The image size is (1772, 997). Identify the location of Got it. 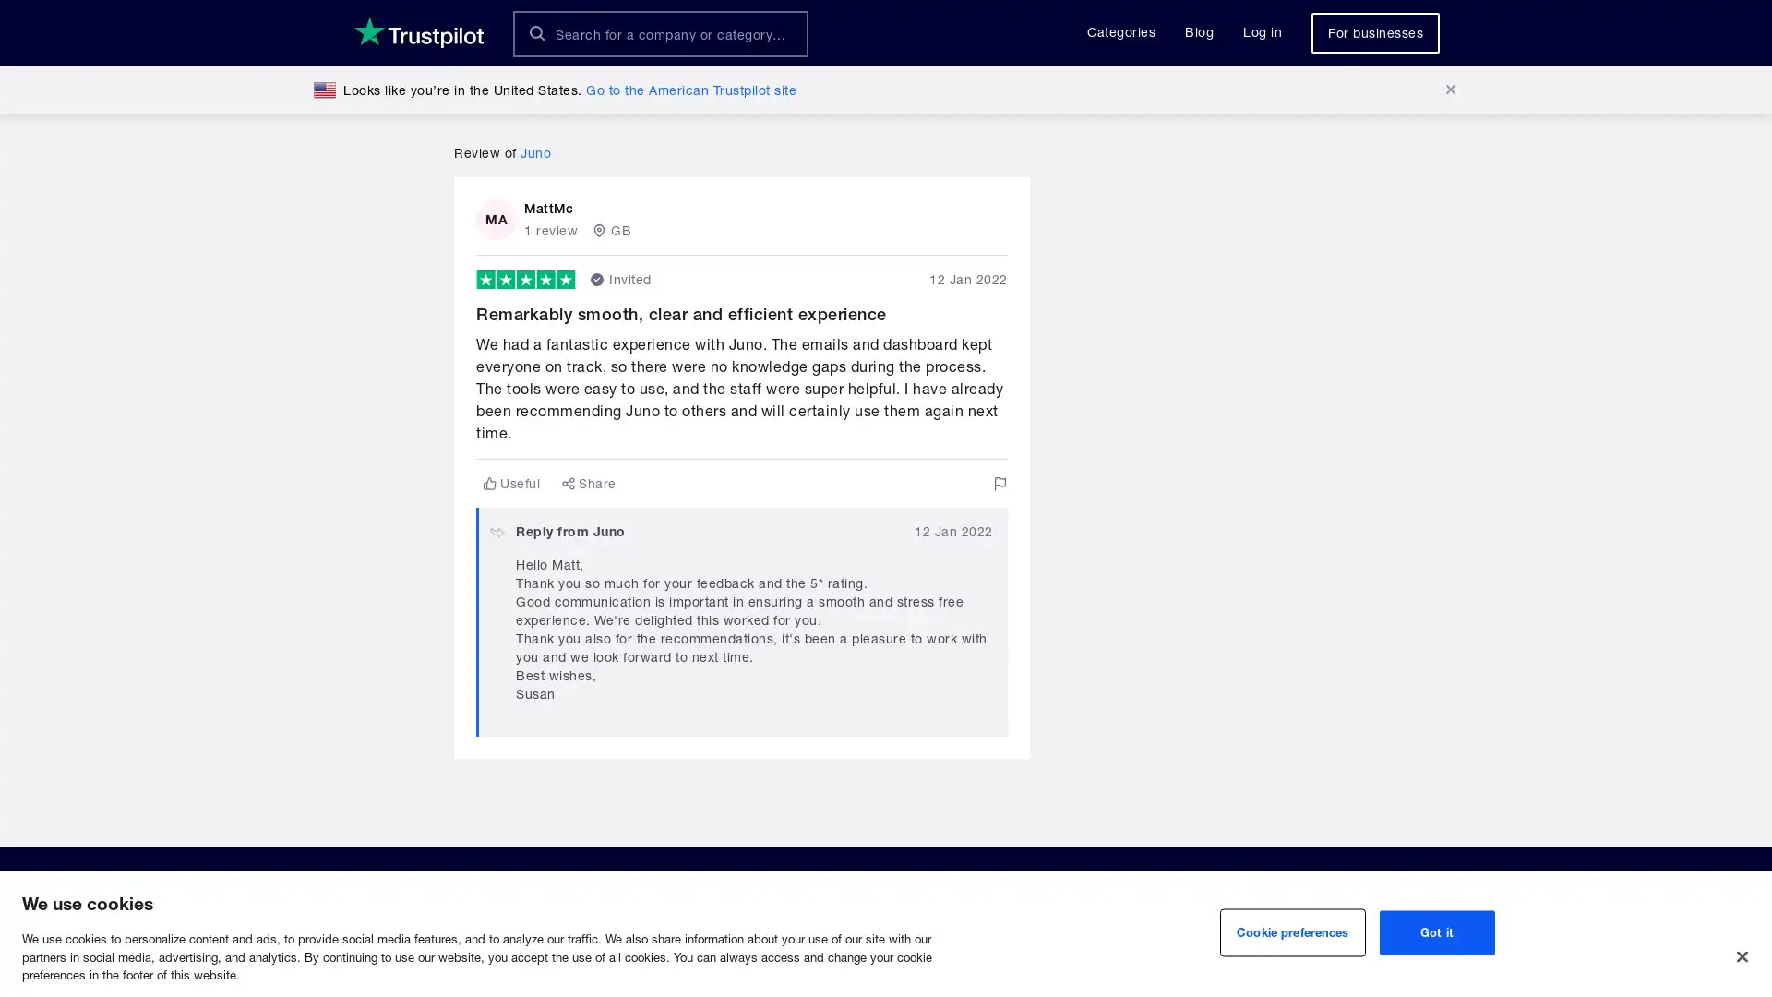
(1435, 932).